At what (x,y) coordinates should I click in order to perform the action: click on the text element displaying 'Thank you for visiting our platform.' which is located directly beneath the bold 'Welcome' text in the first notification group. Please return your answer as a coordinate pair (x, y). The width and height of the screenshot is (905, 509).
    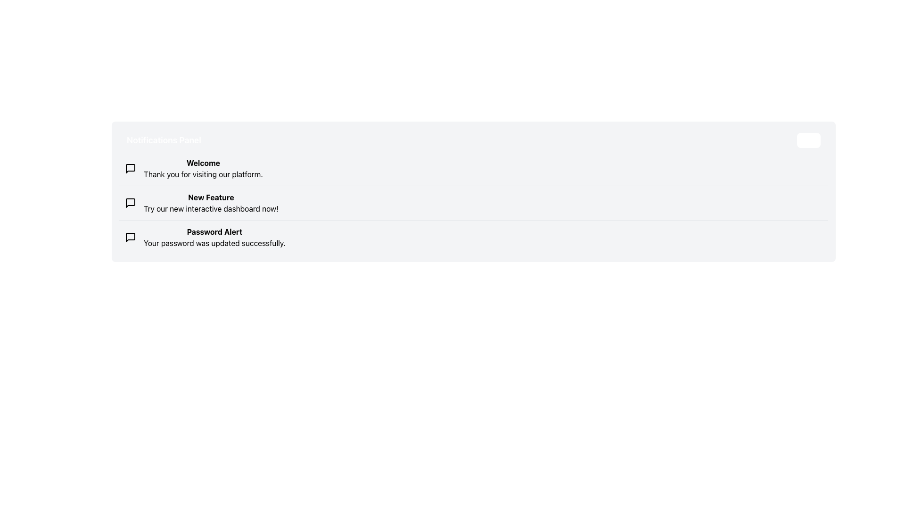
    Looking at the image, I should click on (203, 174).